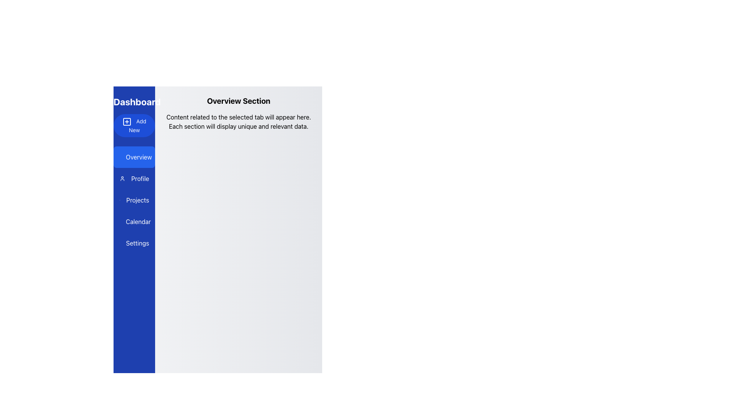 Image resolution: width=739 pixels, height=415 pixels. What do you see at coordinates (139, 156) in the screenshot?
I see `the 'Overview' text label in the vertical navigation menu` at bounding box center [139, 156].